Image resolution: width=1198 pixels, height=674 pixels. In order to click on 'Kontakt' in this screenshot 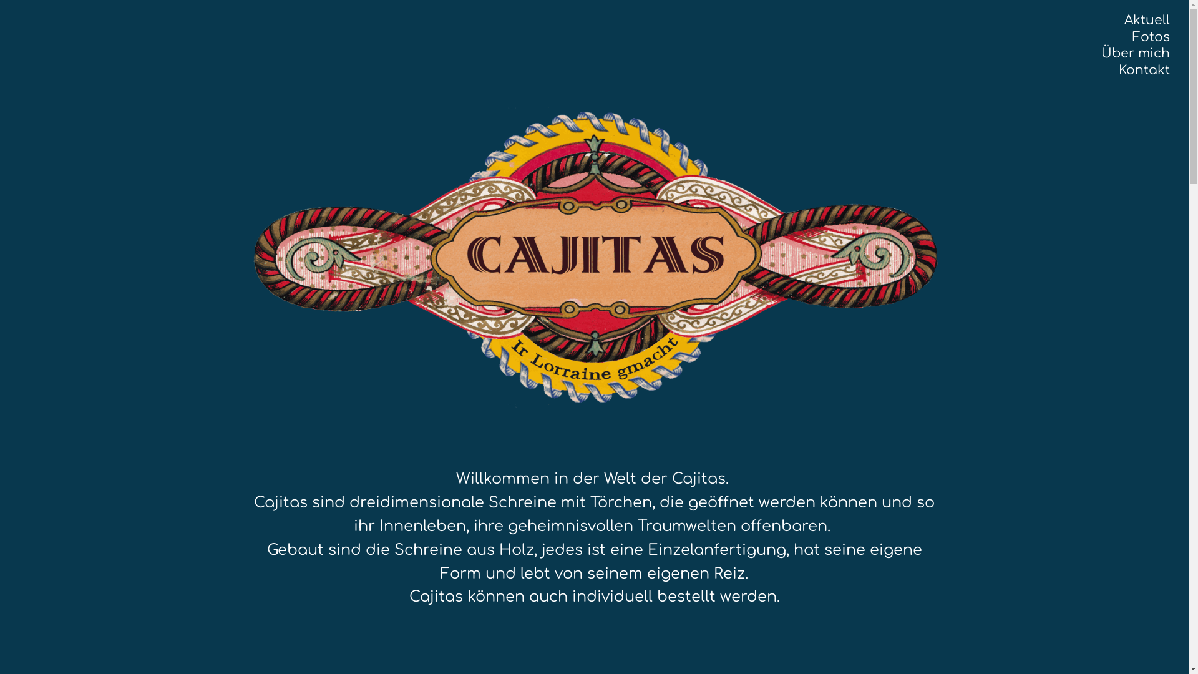, I will do `click(1119, 70)`.